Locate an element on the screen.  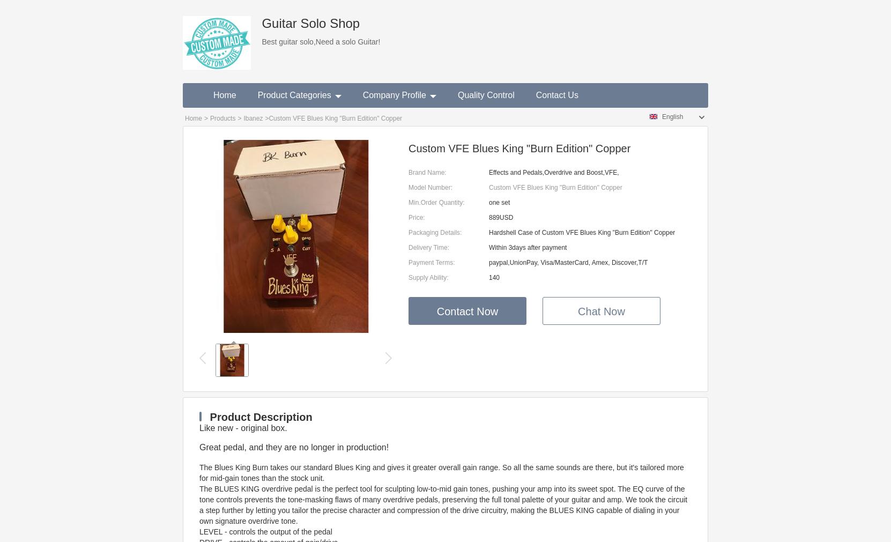
'Effects and Pedals,Overdrive and Boost,VFE,' is located at coordinates (553, 173).